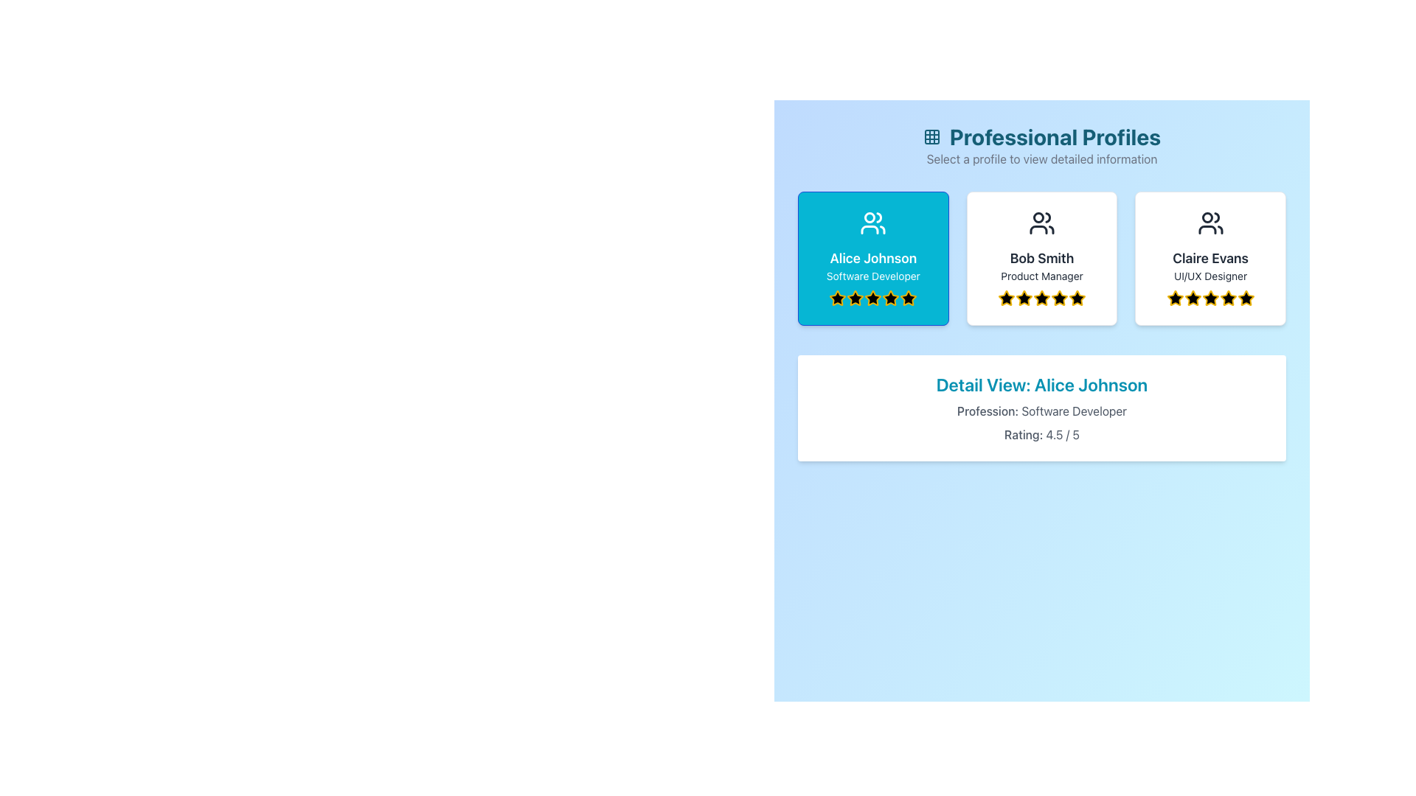 The image size is (1416, 796). What do you see at coordinates (870, 217) in the screenshot?
I see `the decorative graphical element representing users in the profile card of 'Alice Johnson', located at the top-left corner of the user's head within the icon` at bounding box center [870, 217].